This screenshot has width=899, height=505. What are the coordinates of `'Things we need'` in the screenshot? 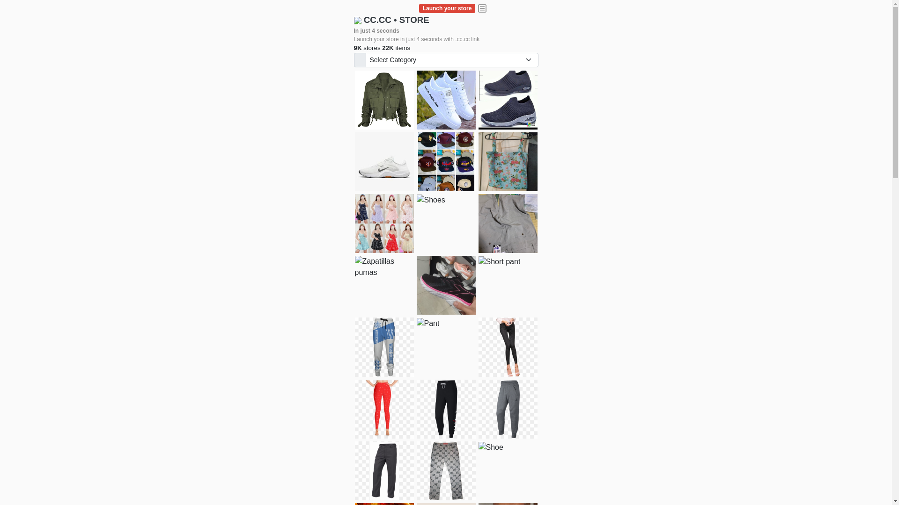 It's located at (446, 161).